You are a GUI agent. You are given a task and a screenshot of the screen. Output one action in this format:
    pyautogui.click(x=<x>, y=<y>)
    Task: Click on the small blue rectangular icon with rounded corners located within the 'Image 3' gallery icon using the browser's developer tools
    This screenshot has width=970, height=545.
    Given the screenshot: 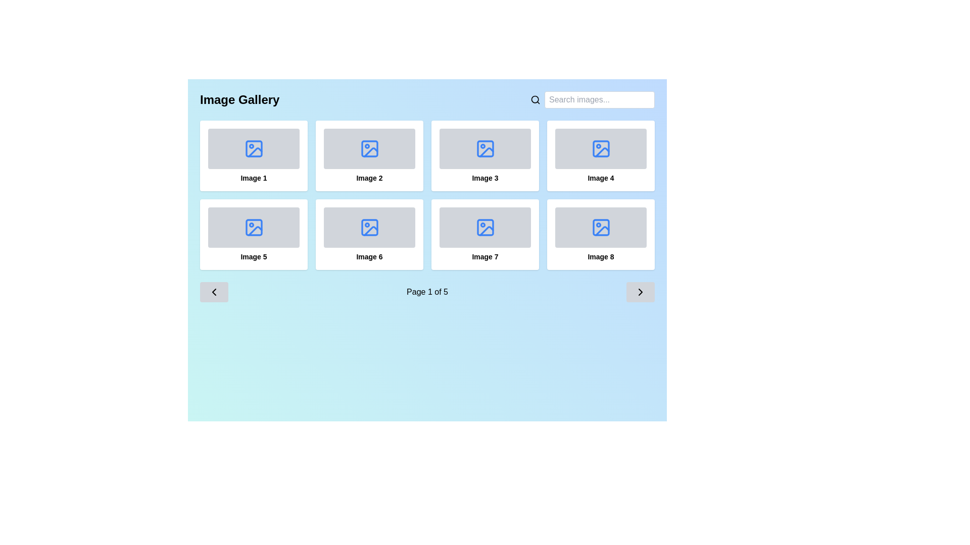 What is the action you would take?
    pyautogui.click(x=485, y=148)
    